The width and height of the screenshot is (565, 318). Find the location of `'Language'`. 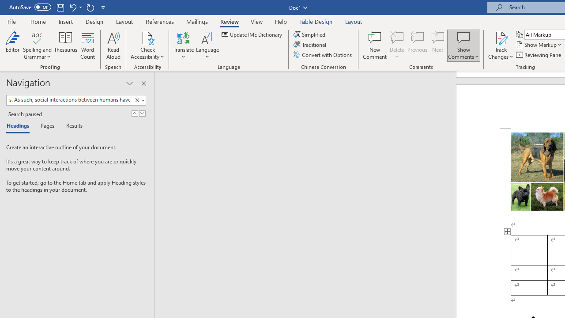

'Language' is located at coordinates (207, 45).